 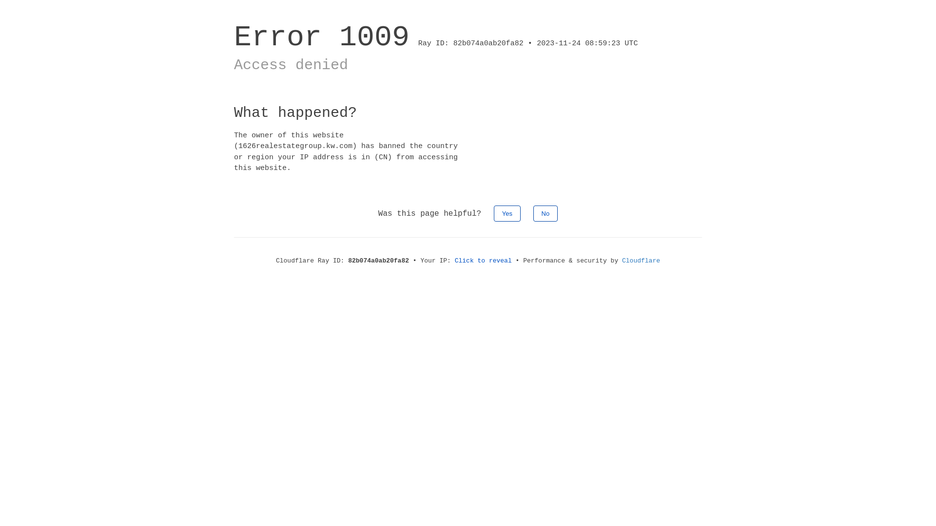 What do you see at coordinates (545, 213) in the screenshot?
I see `'No'` at bounding box center [545, 213].